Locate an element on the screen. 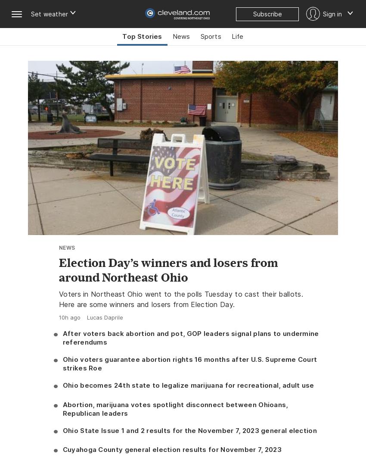 Image resolution: width=366 pixels, height=461 pixels. 'Ohio State Issue 1  and 2 results for the November 7, 2023 general election' is located at coordinates (189, 430).